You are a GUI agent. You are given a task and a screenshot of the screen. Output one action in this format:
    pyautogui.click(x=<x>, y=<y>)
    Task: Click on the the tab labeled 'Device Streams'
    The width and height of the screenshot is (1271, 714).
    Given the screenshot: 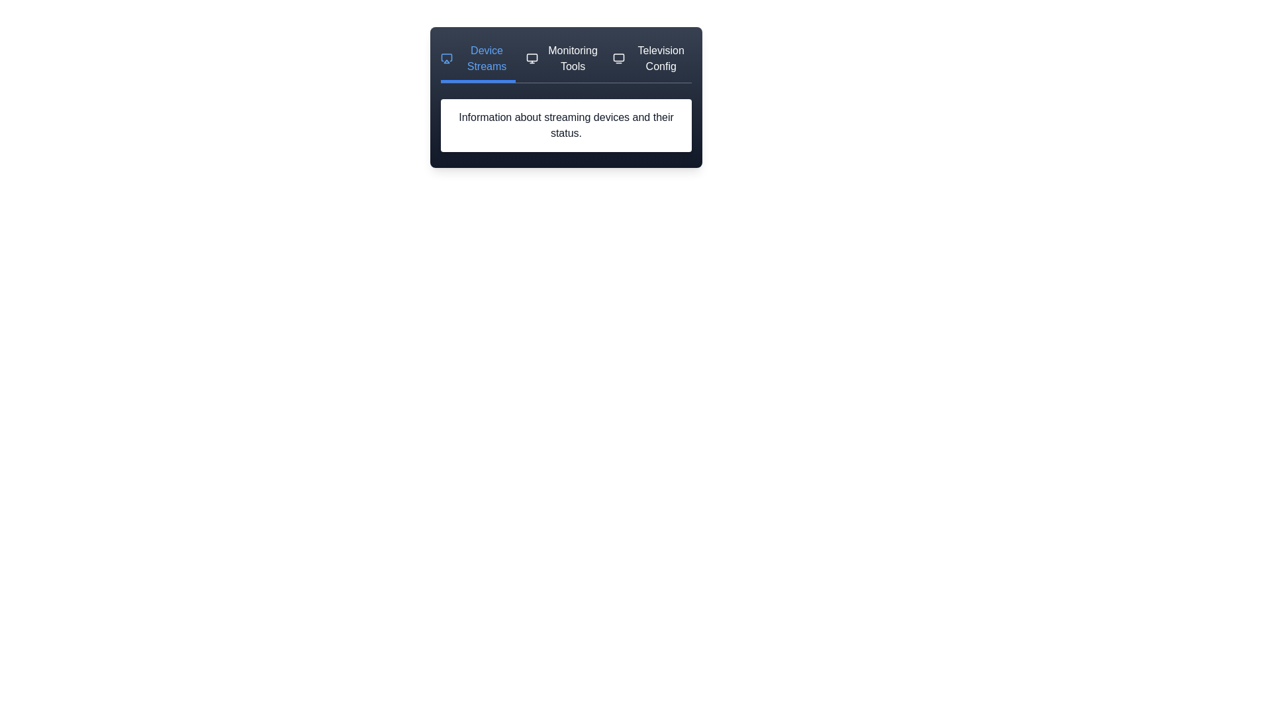 What is the action you would take?
    pyautogui.click(x=477, y=63)
    